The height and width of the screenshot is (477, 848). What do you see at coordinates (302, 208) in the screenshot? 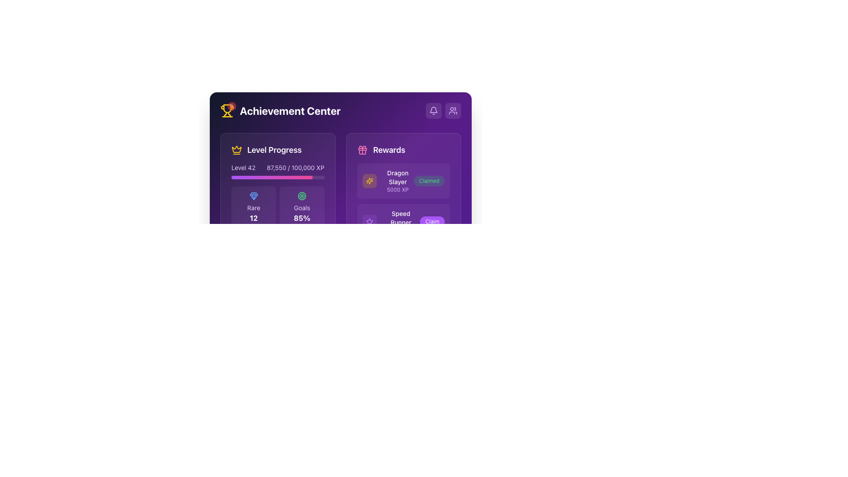
I see `the informational card component displaying the goal name and its completion percentage, which is the second card in the 'Level Progress' section of the Achievement Center` at bounding box center [302, 208].